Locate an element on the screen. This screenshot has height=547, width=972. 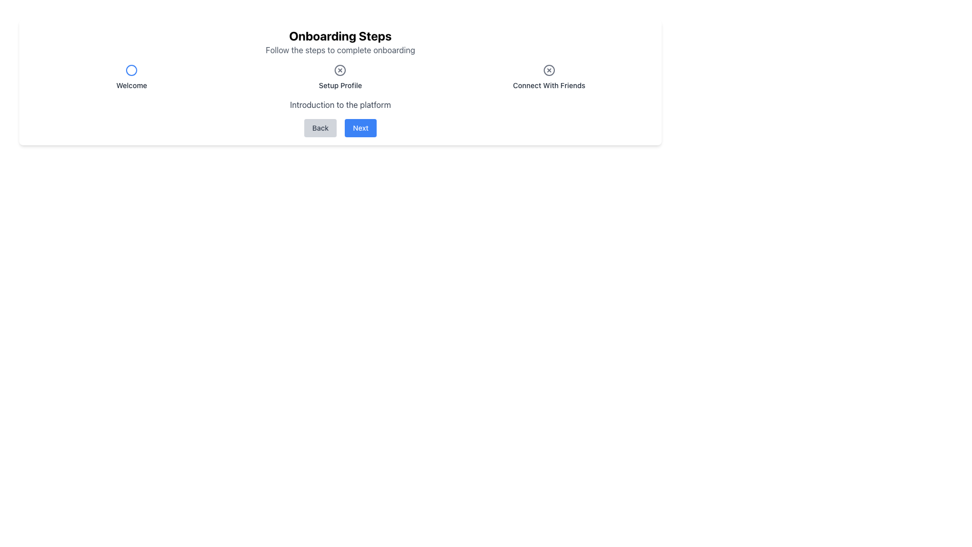
the centermost circle of the 'Setup Profile' icon is located at coordinates (340, 69).